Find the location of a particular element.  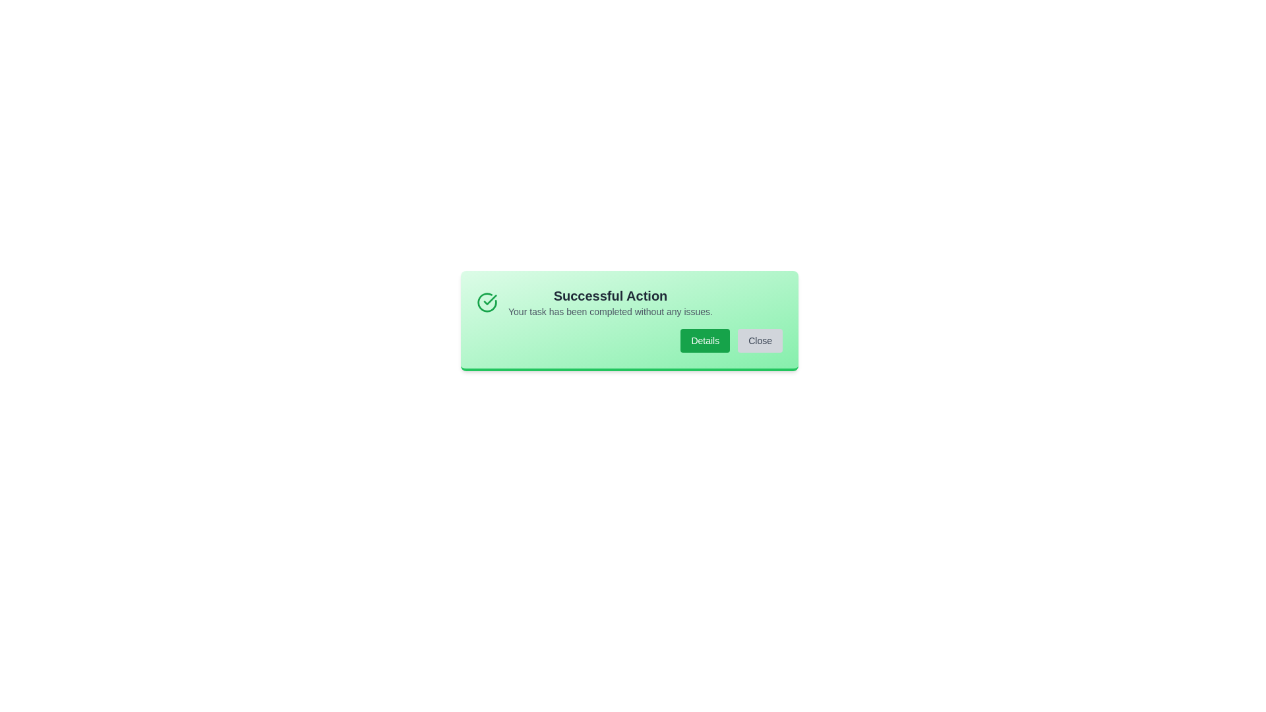

the button Details to observe its hover effect is located at coordinates (704, 340).